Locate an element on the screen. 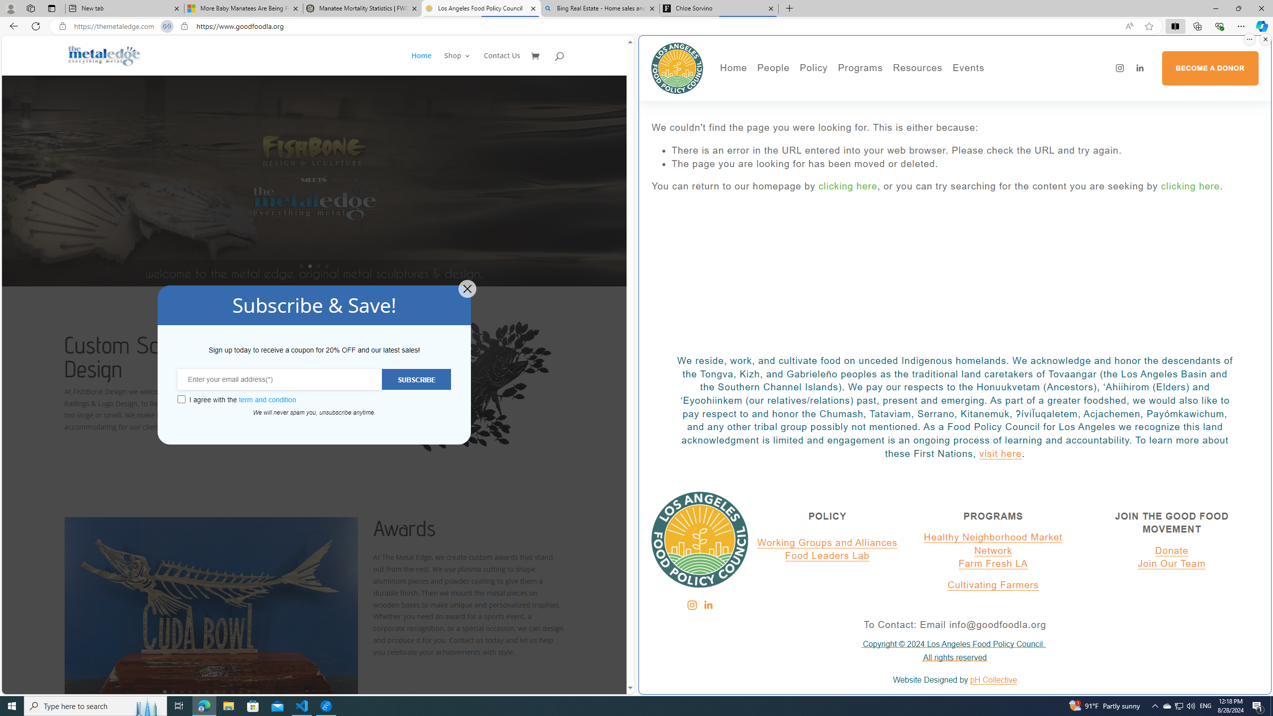 The image size is (1273, 716). 'Metal Fish Sculptures & Metal Designs' is located at coordinates (103, 55).